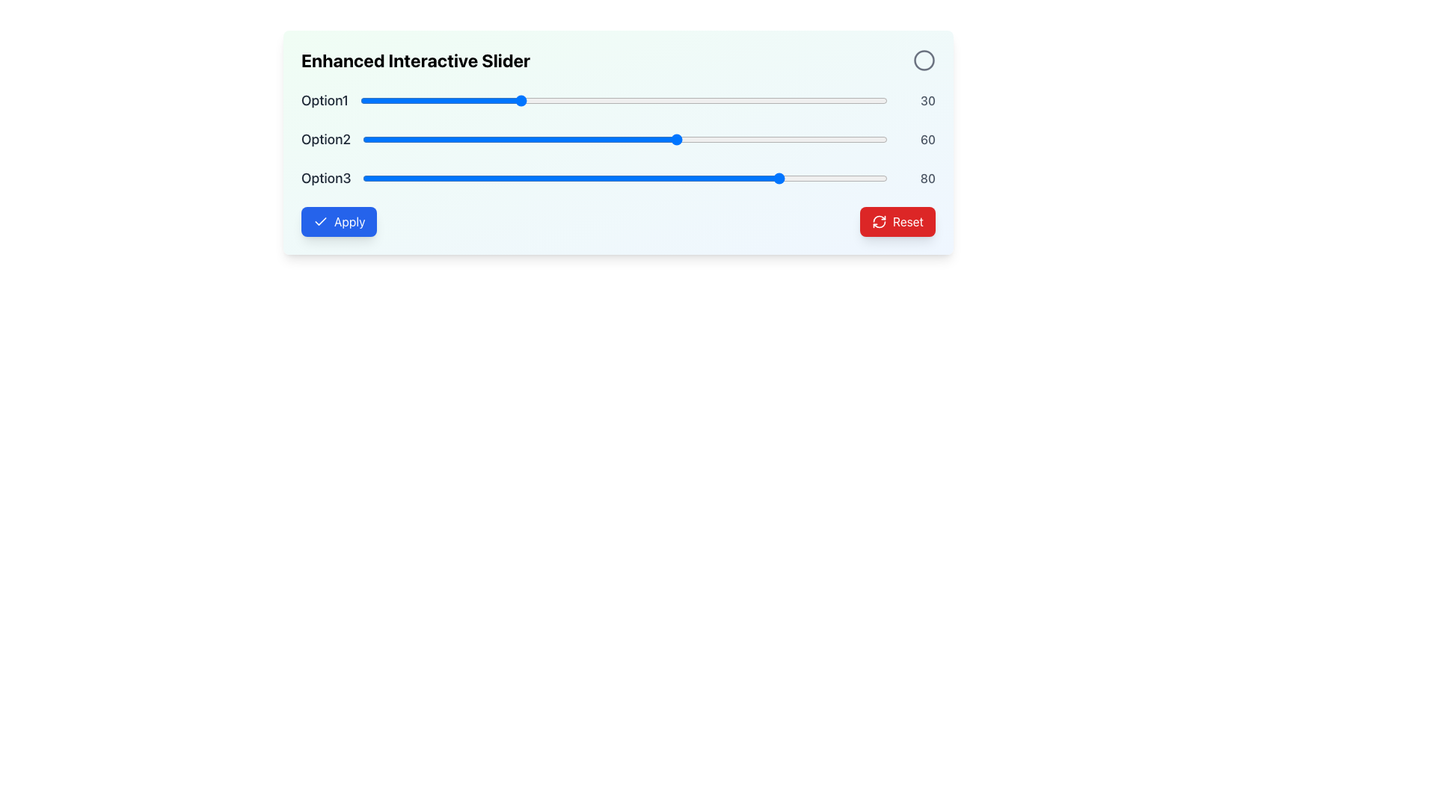 Image resolution: width=1436 pixels, height=807 pixels. I want to click on the reset button located in the bottom-right corner of the interface, so click(897, 222).